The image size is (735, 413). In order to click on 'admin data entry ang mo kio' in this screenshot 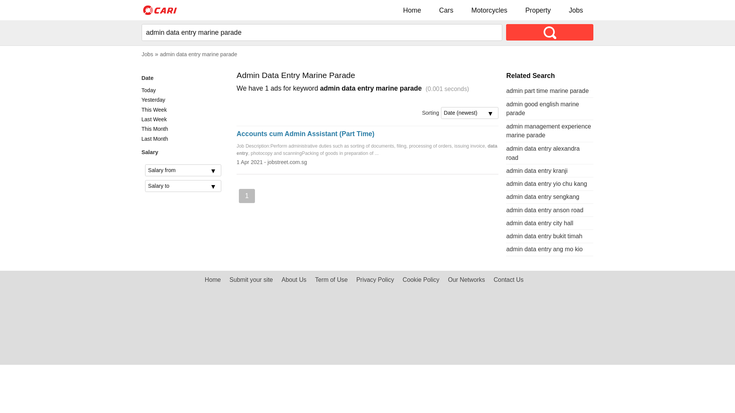, I will do `click(544, 249)`.